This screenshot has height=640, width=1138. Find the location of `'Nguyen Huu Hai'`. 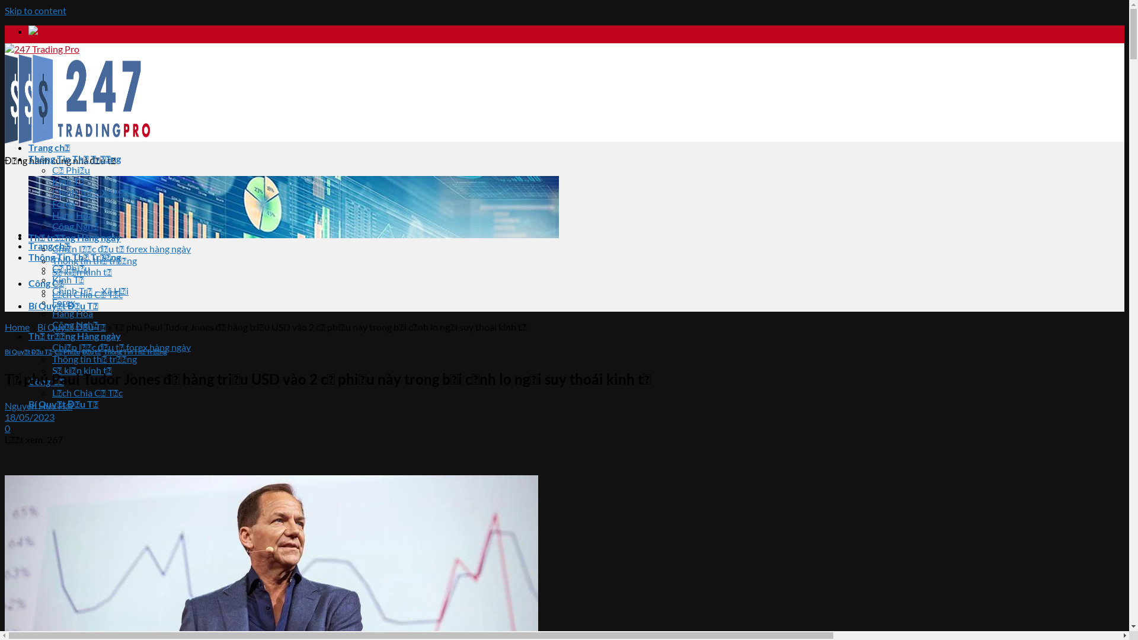

'Nguyen Huu Hai' is located at coordinates (5, 405).